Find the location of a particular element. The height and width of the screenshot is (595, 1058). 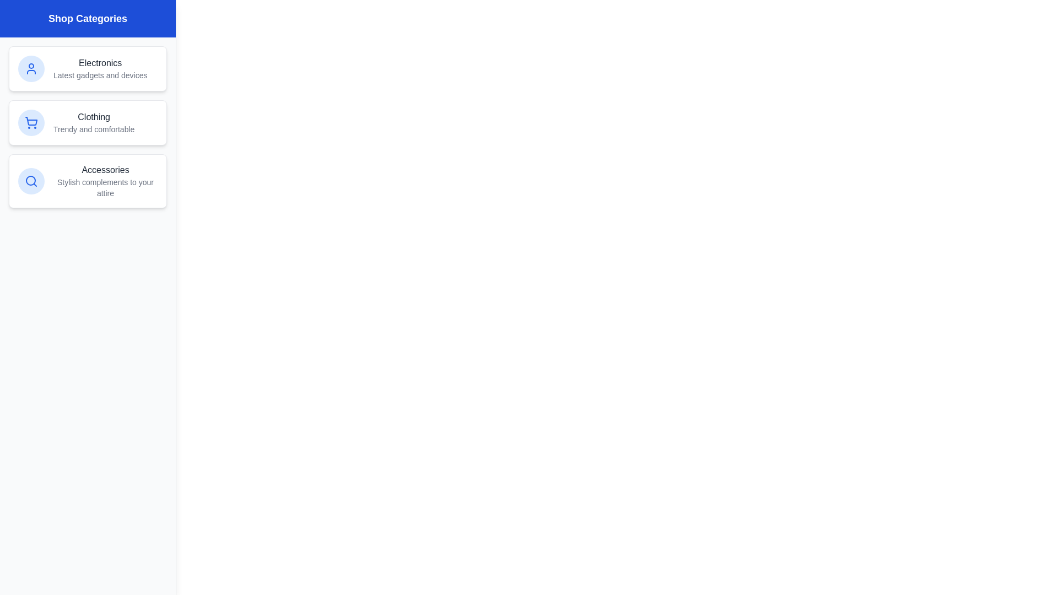

the icon associated with the Electronics category is located at coordinates (31, 68).